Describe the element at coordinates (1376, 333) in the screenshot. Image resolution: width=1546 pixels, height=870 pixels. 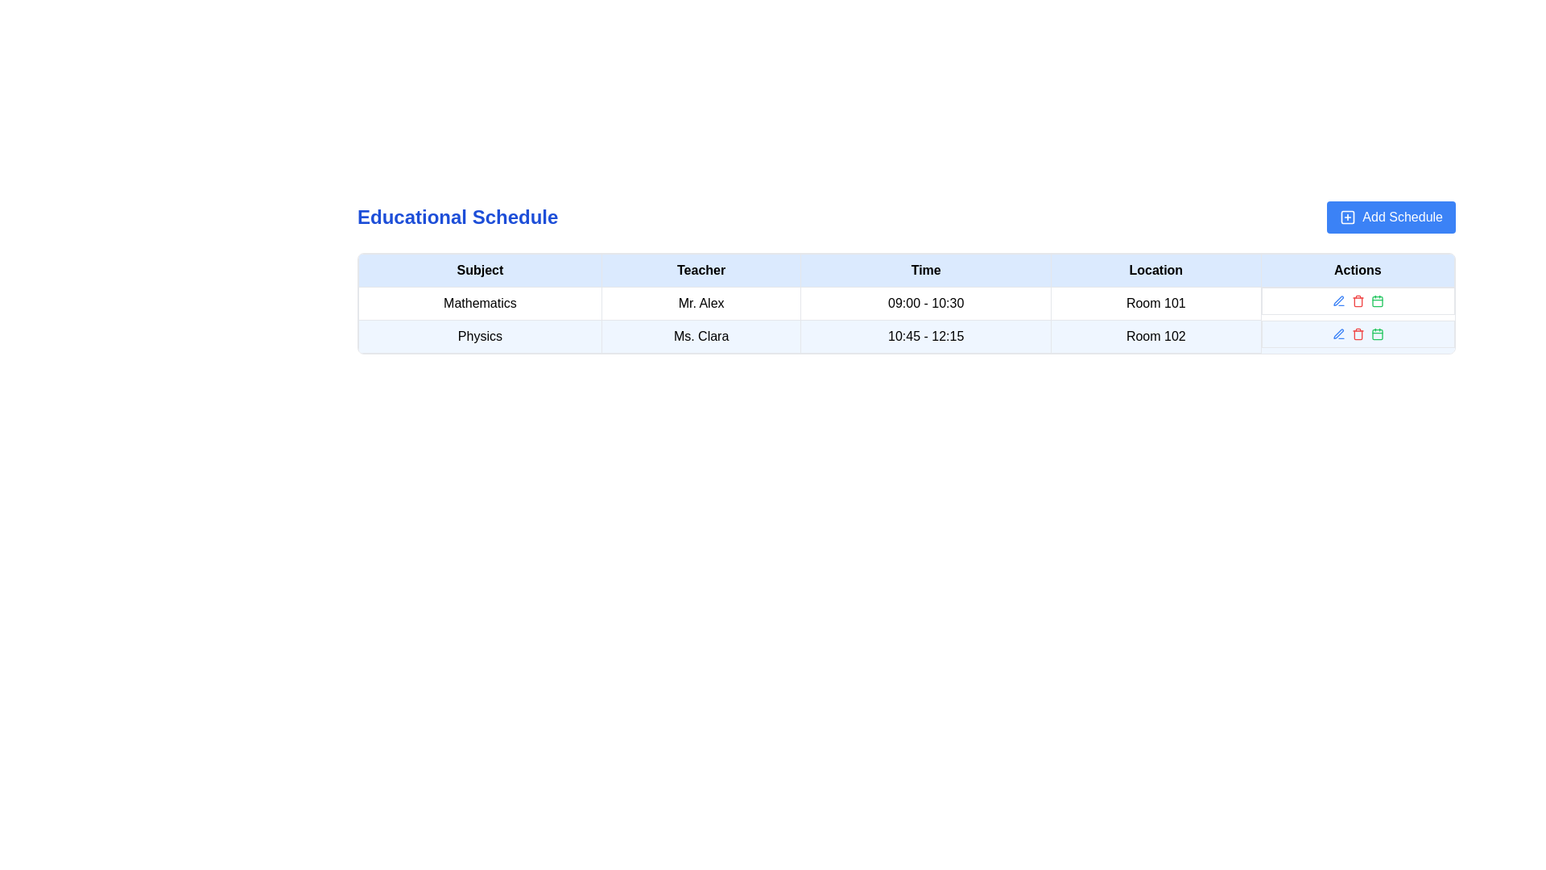
I see `the action button located in the 'Actions' column of the last row corresponding to 'Physics' in the schedule table` at that location.